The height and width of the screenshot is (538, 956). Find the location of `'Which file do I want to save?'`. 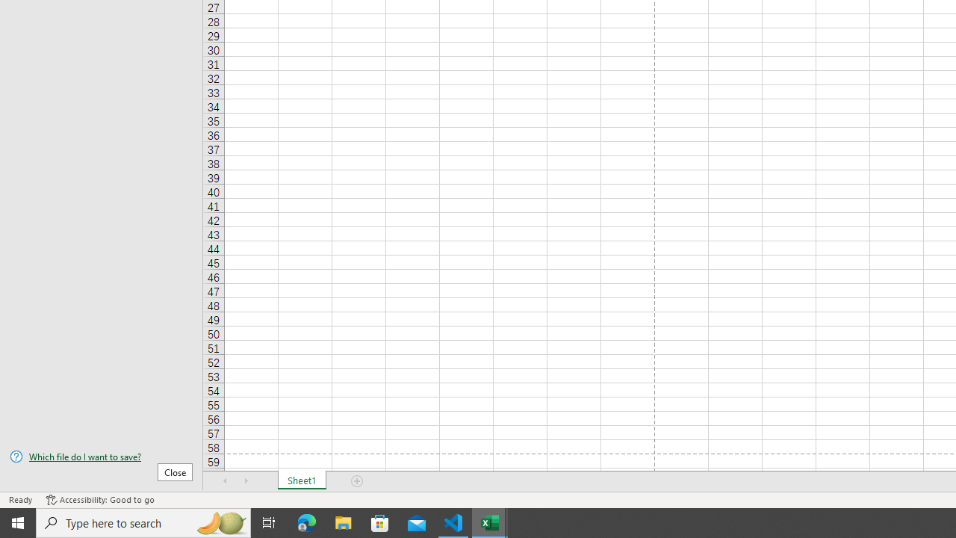

'Which file do I want to save?' is located at coordinates (101, 456).